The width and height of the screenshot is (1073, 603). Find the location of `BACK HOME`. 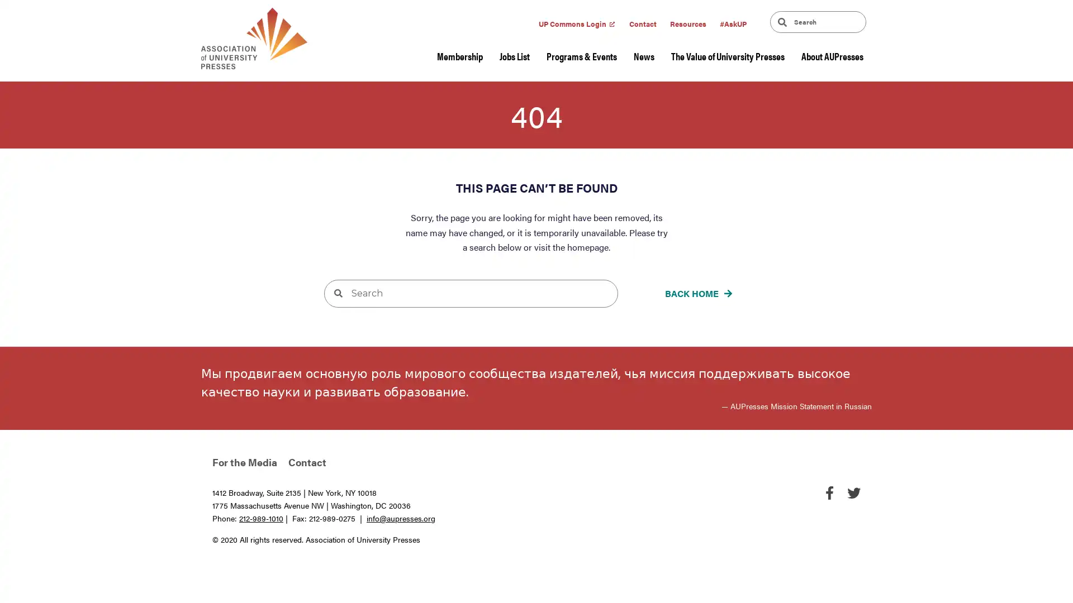

BACK HOME is located at coordinates (697, 292).